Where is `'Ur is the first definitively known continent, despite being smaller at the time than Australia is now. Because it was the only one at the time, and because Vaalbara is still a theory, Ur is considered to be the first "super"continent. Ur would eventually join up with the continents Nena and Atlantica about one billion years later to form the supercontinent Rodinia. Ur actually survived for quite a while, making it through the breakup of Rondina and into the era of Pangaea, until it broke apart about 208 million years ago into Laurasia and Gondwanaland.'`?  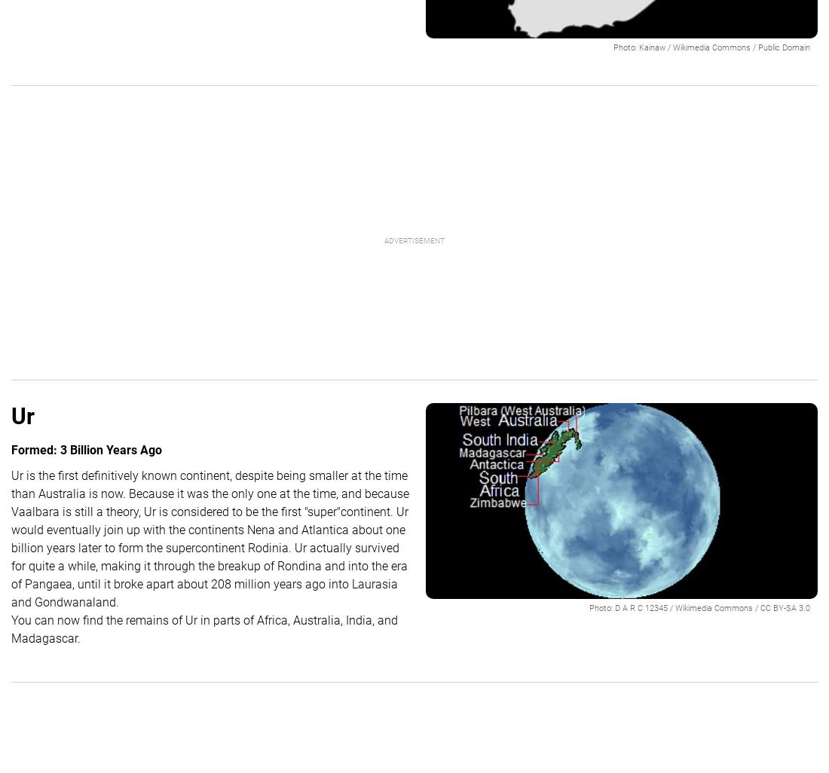
'Ur is the first definitively known continent, despite being smaller at the time than Australia is now. Because it was the only one at the time, and because Vaalbara is still a theory, Ur is considered to be the first "super"continent. Ur would eventually join up with the continents Nena and Atlantica about one billion years later to form the supercontinent Rodinia. Ur actually survived for quite a while, making it through the breakup of Rondina and into the era of Pangaea, until it broke apart about 208 million years ago into Laurasia and Gondwanaland.' is located at coordinates (209, 537).